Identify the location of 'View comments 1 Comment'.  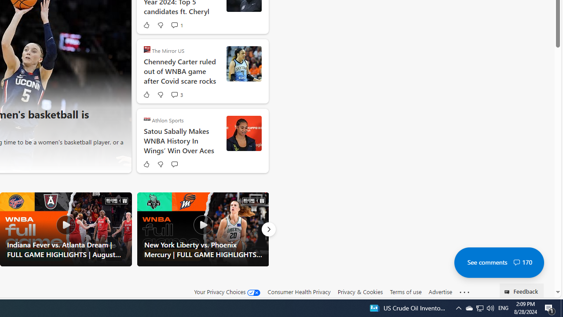
(176, 24).